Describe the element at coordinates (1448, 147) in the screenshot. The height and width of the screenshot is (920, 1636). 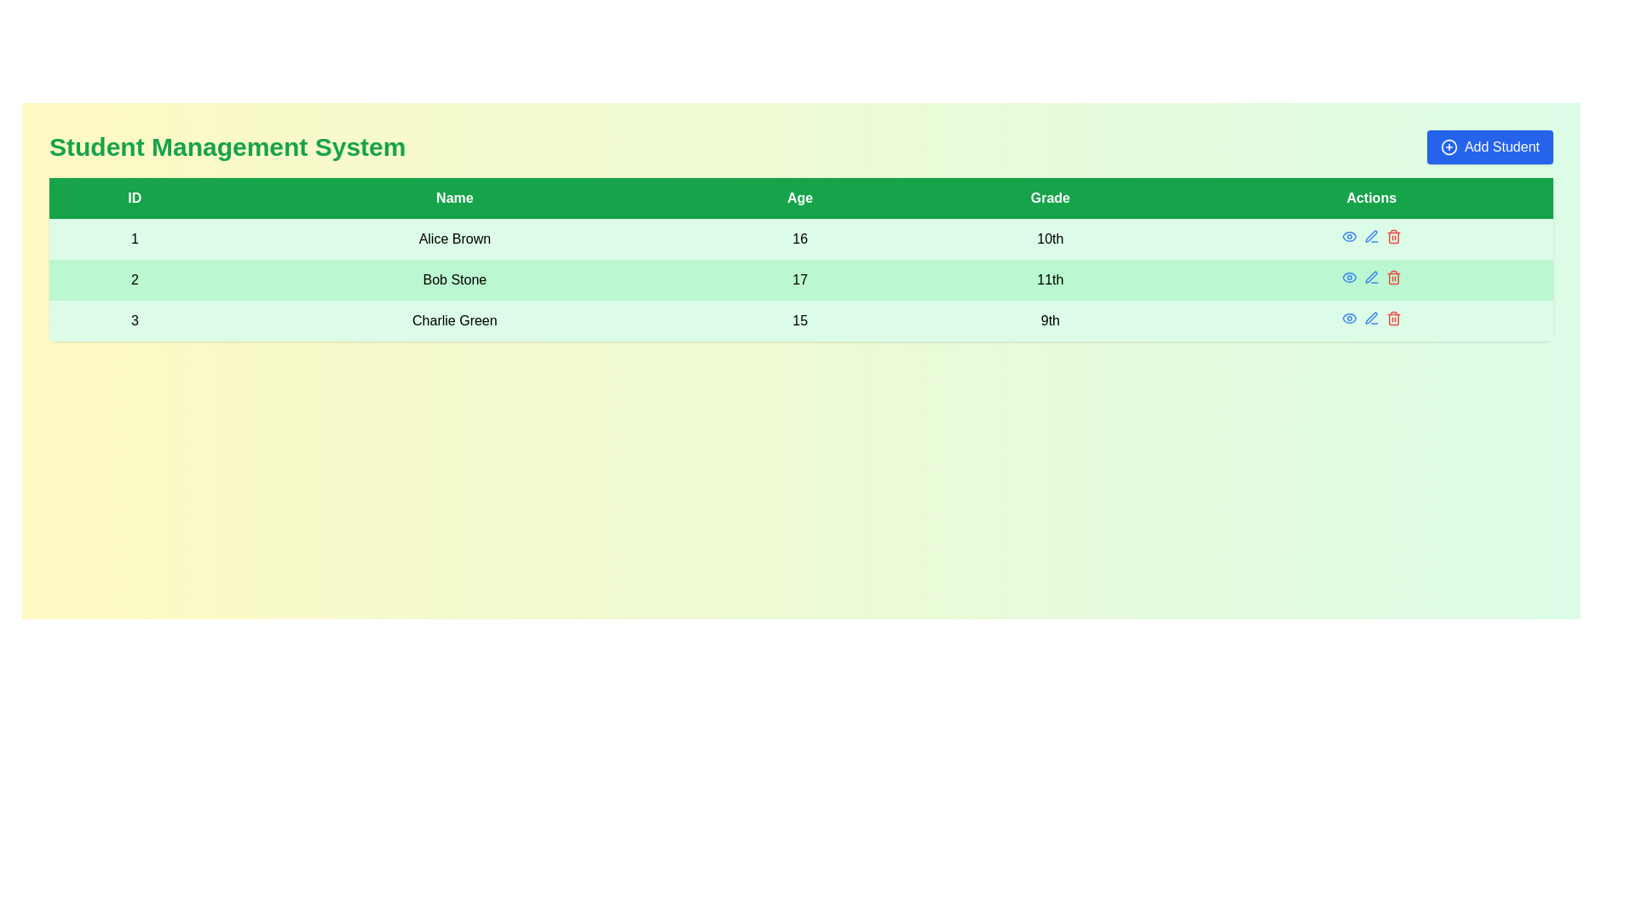
I see `the circular plus icon of the 'Add Student' button located in the upper-right corner of the user interface for accessibility purposes` at that location.